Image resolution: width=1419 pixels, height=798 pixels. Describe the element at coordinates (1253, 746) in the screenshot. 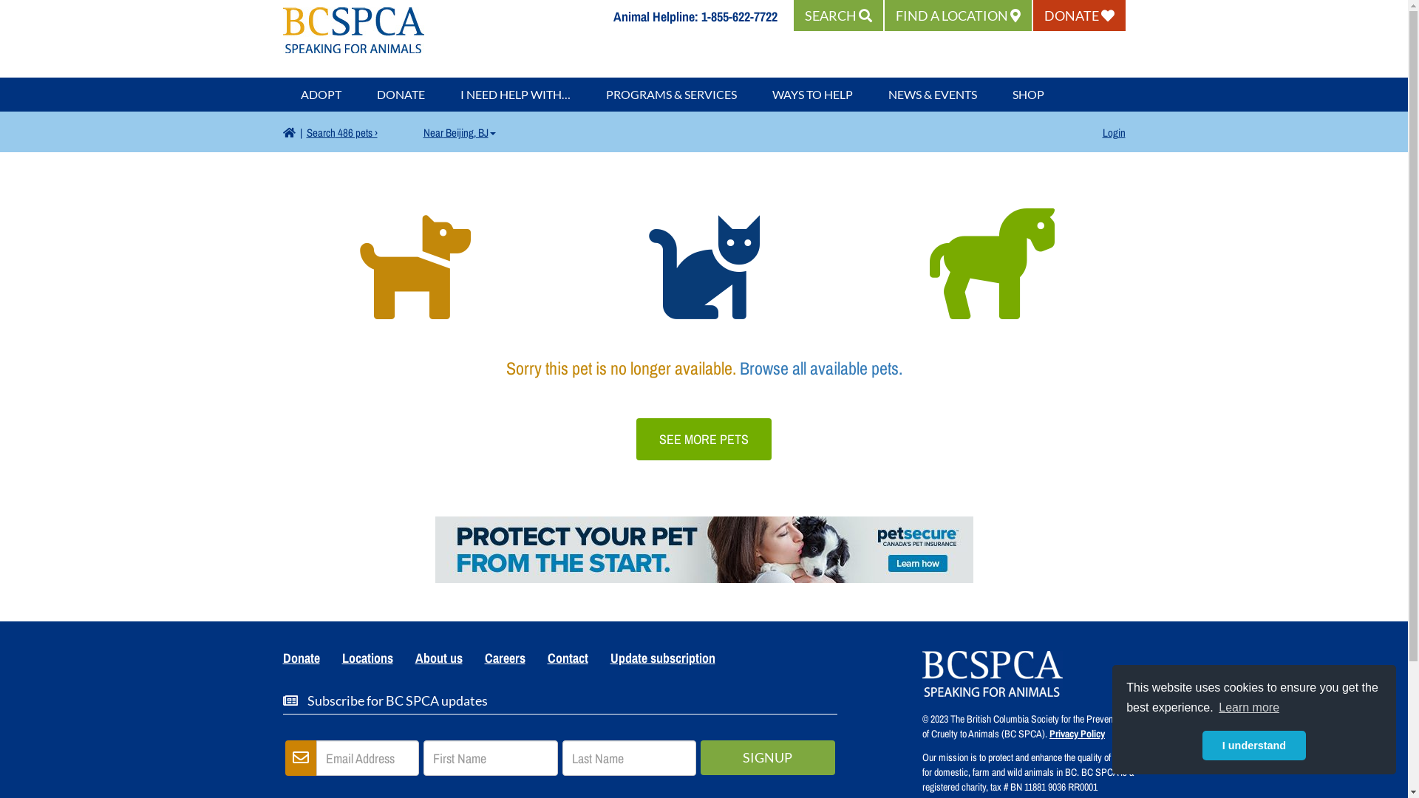

I see `'I understand'` at that location.